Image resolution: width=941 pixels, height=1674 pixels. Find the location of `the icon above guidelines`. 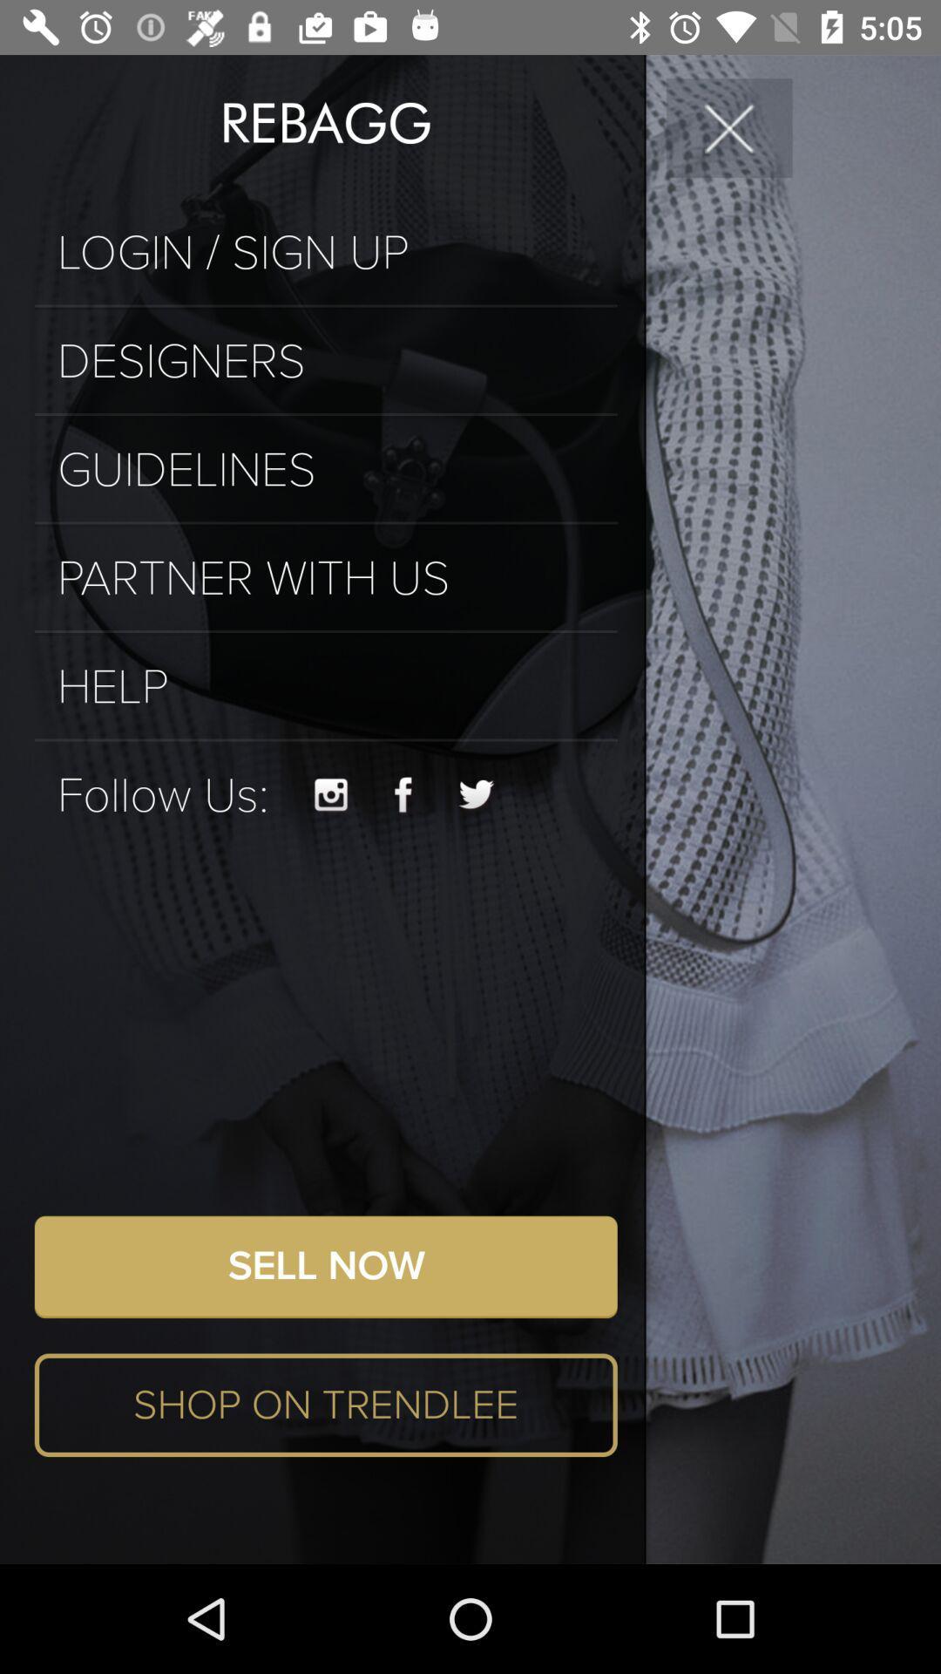

the icon above guidelines is located at coordinates (326, 413).